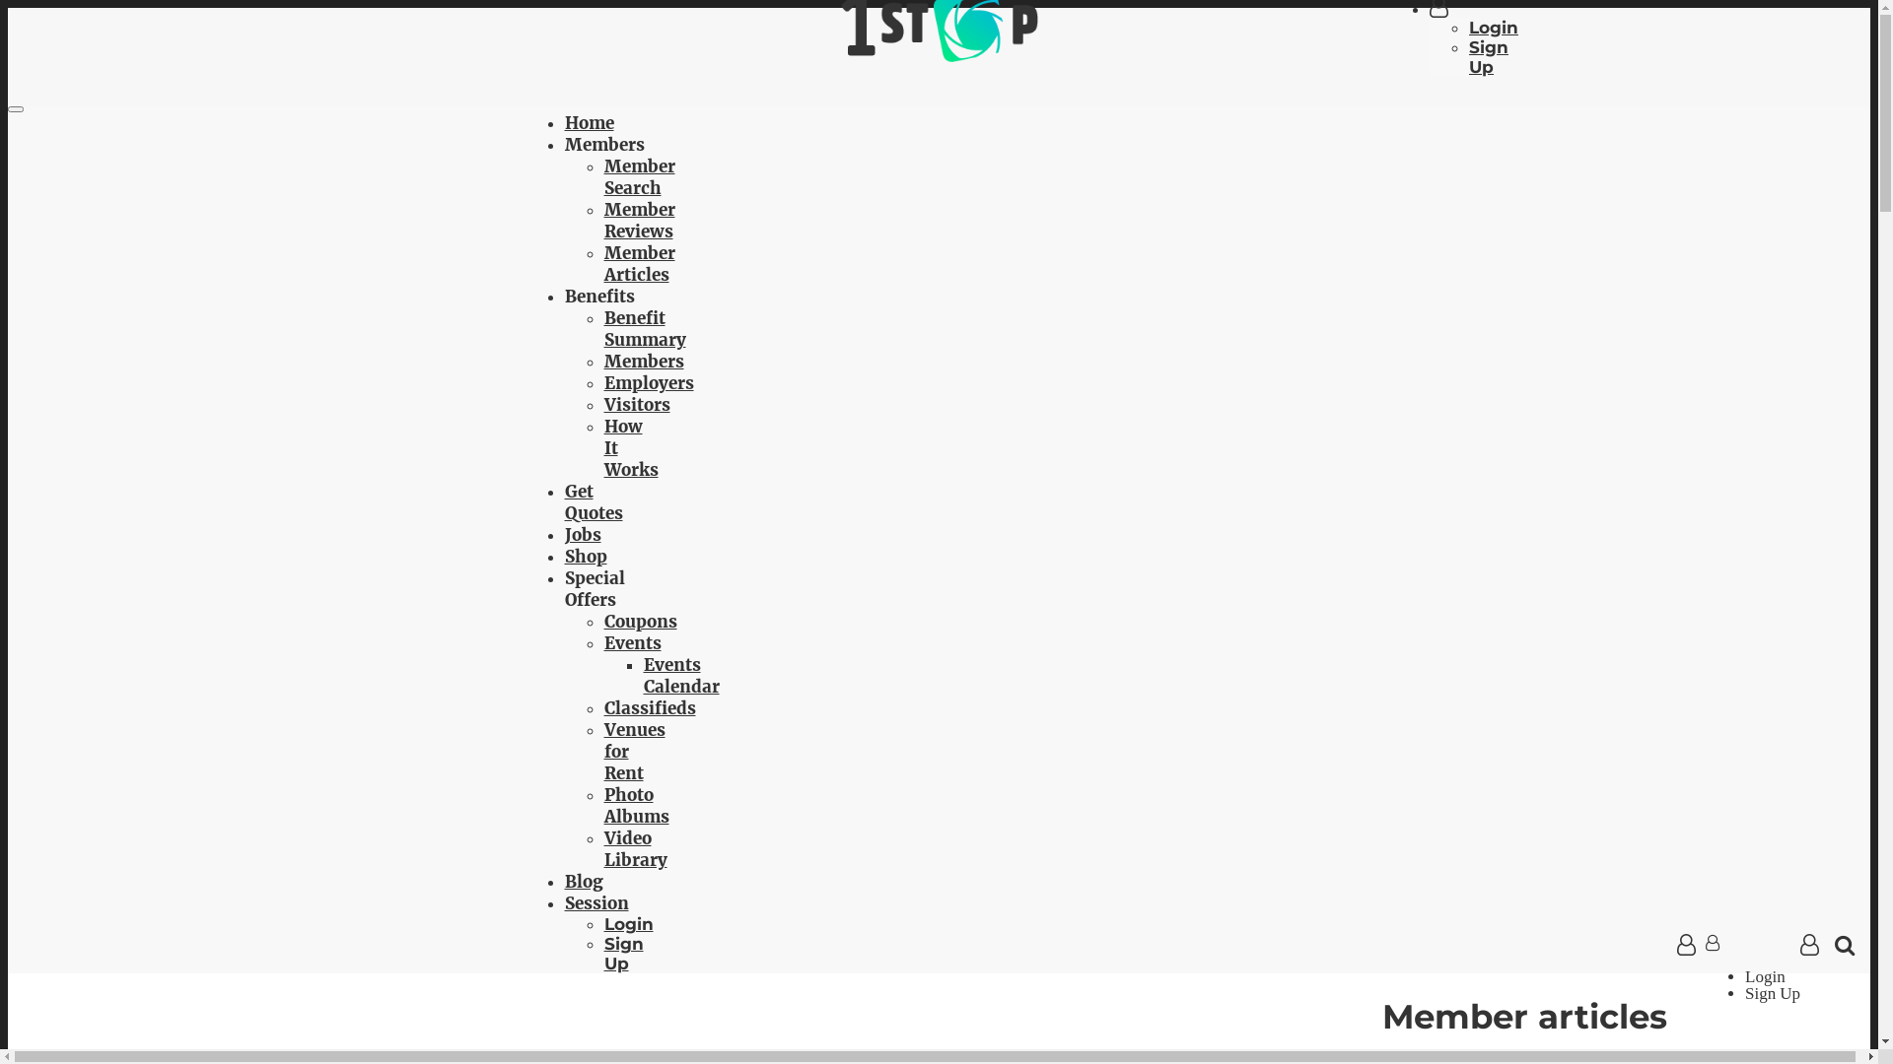 The image size is (1893, 1064). Describe the element at coordinates (632, 642) in the screenshot. I see `'Events'` at that location.